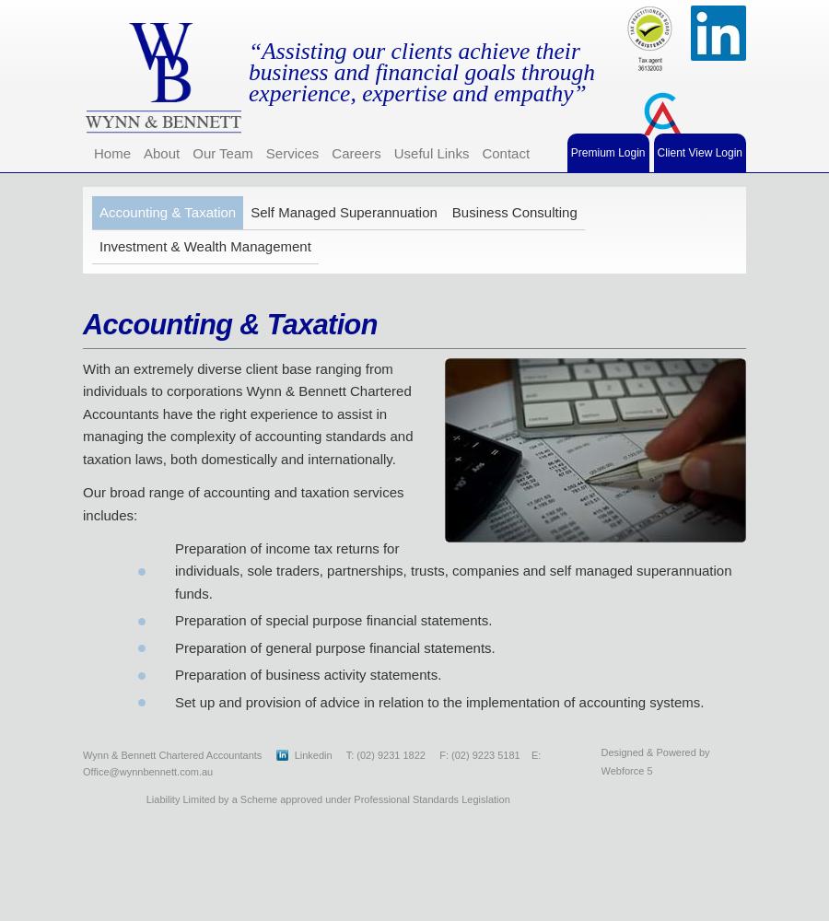 Image resolution: width=829 pixels, height=921 pixels. I want to click on 'Linkedin', so click(314, 753).